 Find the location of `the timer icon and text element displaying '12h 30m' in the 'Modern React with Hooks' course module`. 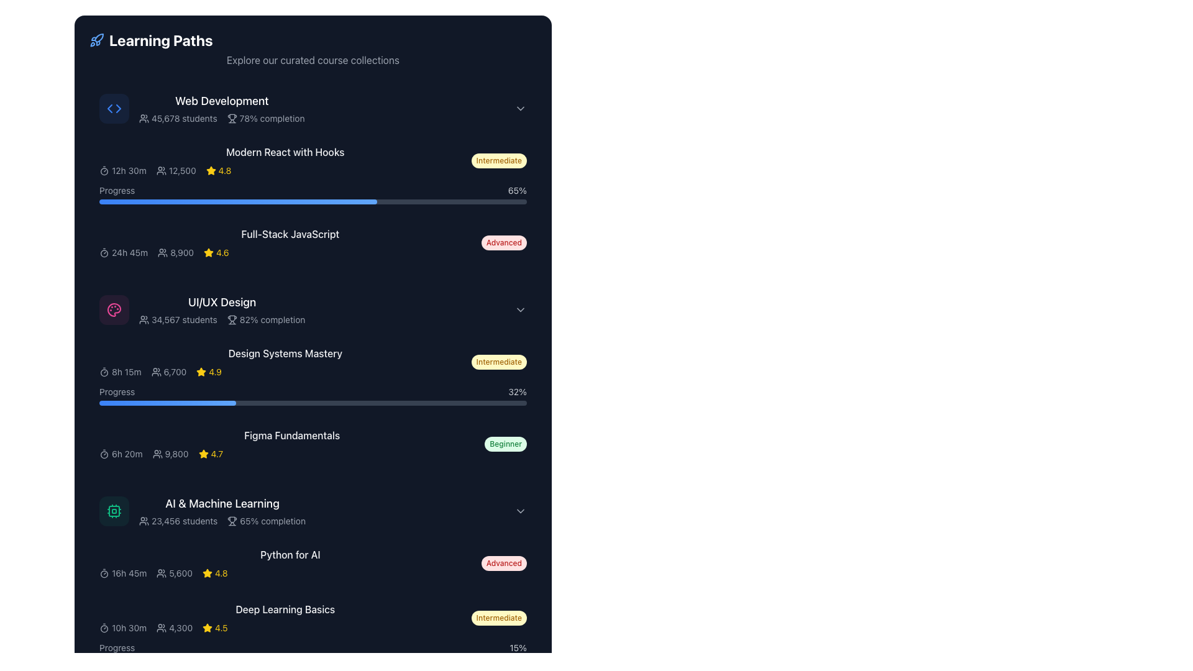

the timer icon and text element displaying '12h 30m' in the 'Modern React with Hooks' course module is located at coordinates (122, 170).